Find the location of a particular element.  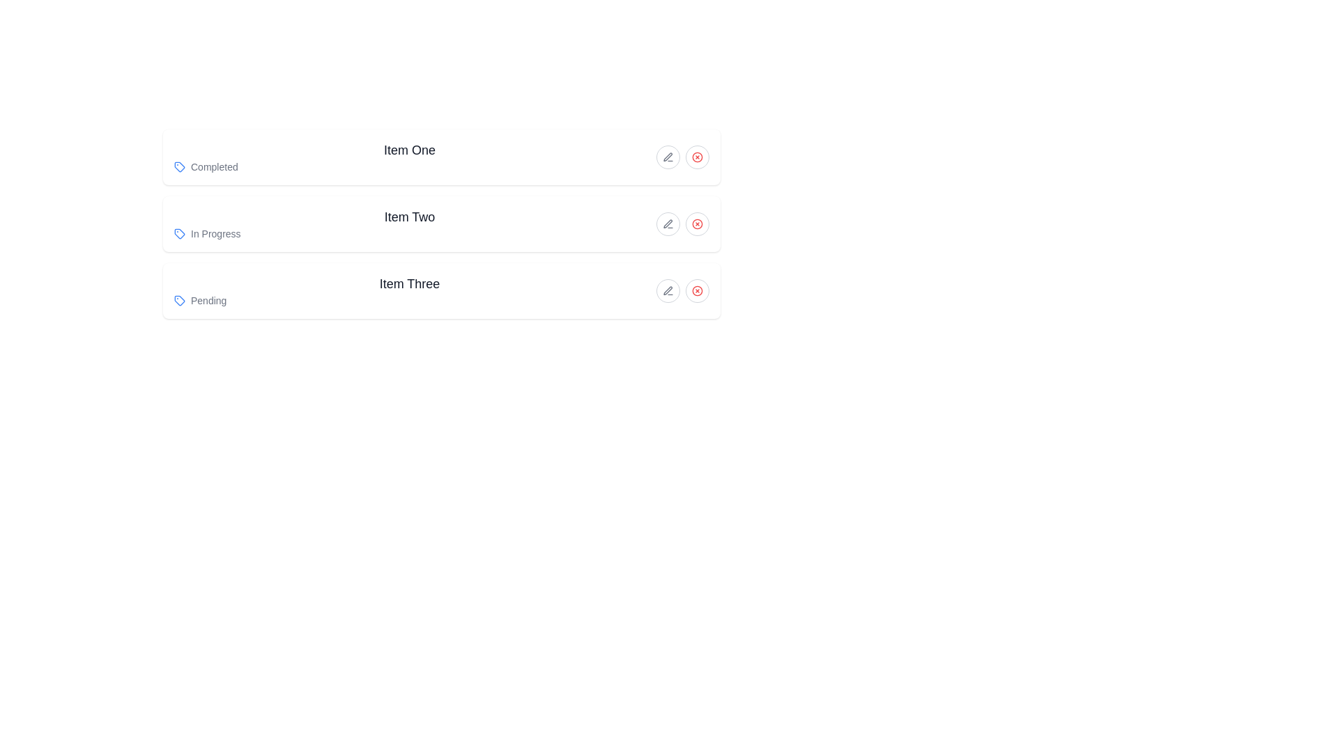

the edit button located to the right of 'Item One' in the top item of the vertical list is located at coordinates (668, 157).